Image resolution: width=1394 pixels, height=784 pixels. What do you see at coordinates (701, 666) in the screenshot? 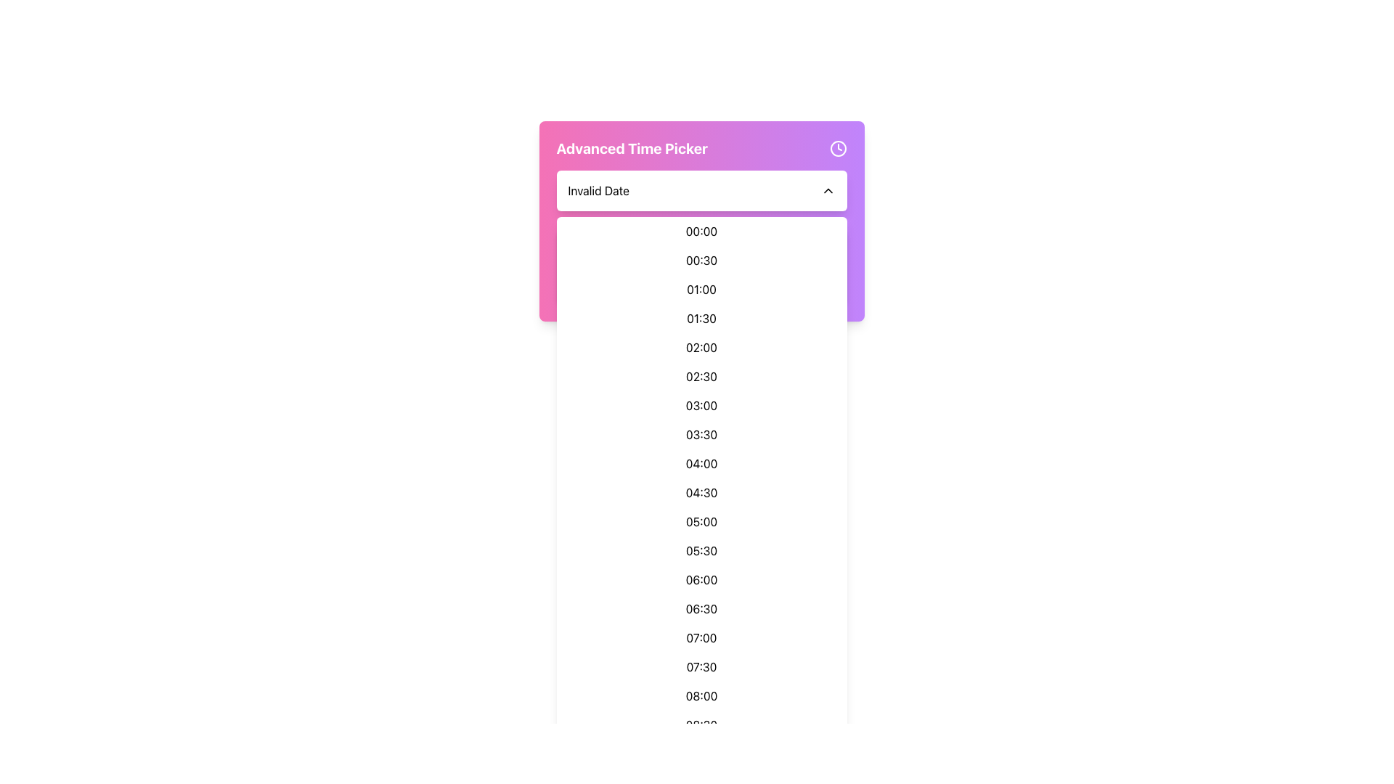
I see `the 16th selectable time entry in the dropdown menu` at bounding box center [701, 666].